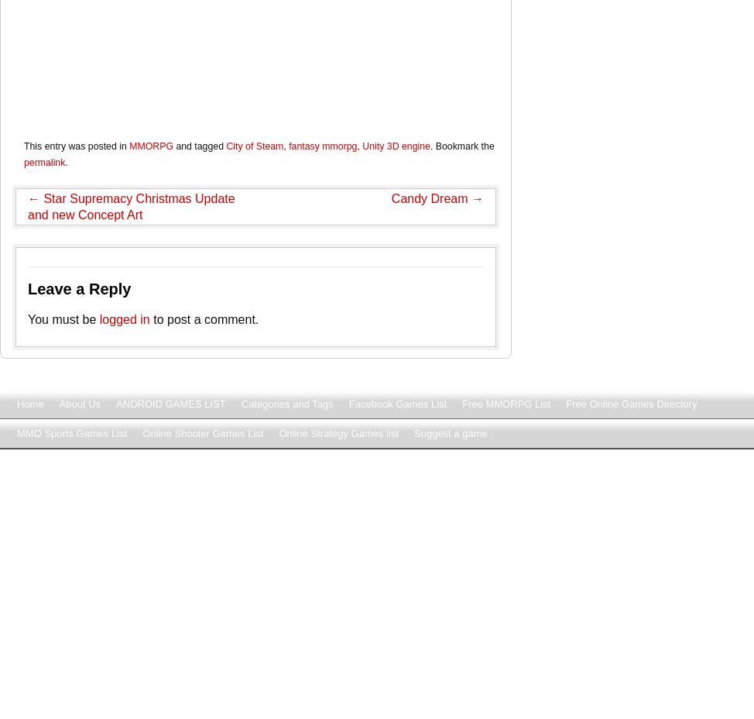  I want to click on 'permalink', so click(44, 161).